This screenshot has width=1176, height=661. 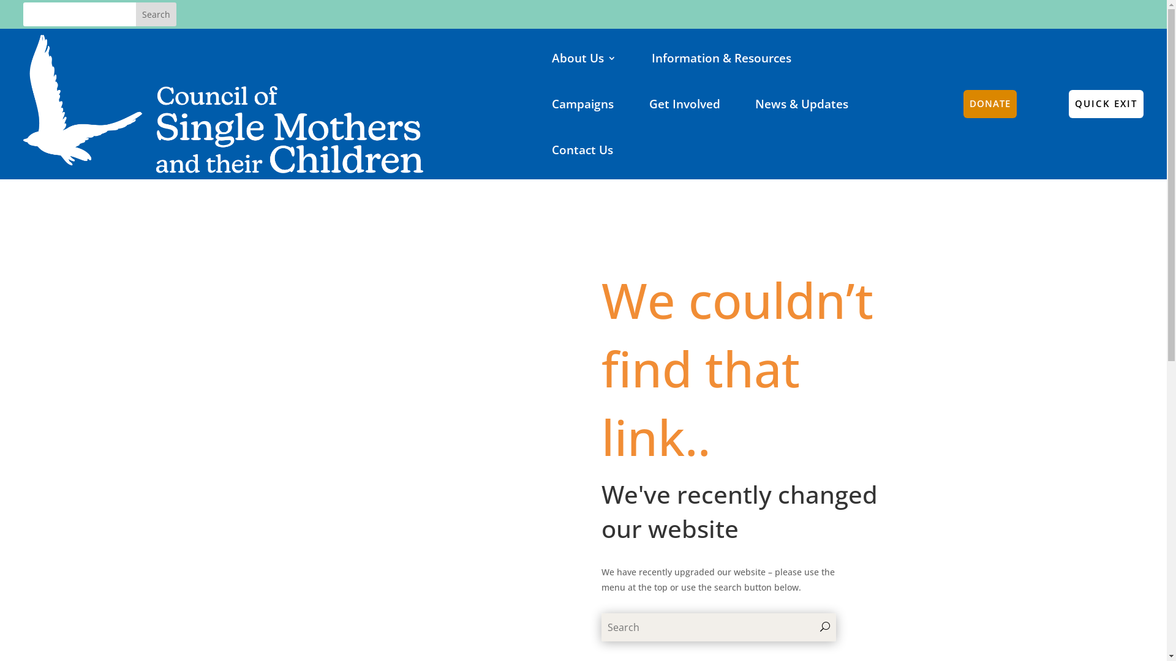 What do you see at coordinates (802, 103) in the screenshot?
I see `'News & Updates'` at bounding box center [802, 103].